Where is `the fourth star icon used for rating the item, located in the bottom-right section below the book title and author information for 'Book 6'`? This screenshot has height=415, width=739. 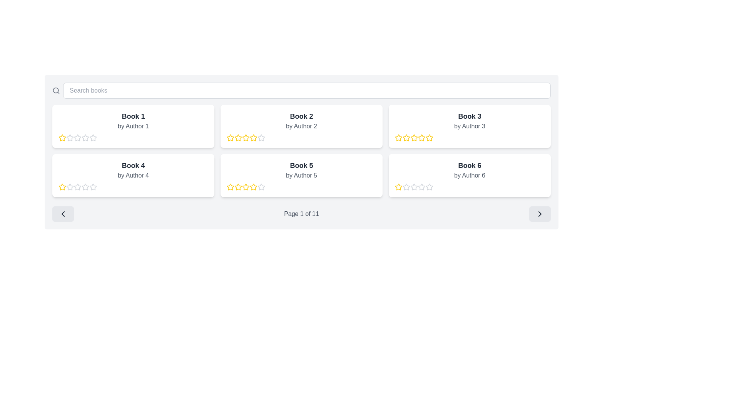 the fourth star icon used for rating the item, located in the bottom-right section below the book title and author information for 'Book 6' is located at coordinates (413, 187).